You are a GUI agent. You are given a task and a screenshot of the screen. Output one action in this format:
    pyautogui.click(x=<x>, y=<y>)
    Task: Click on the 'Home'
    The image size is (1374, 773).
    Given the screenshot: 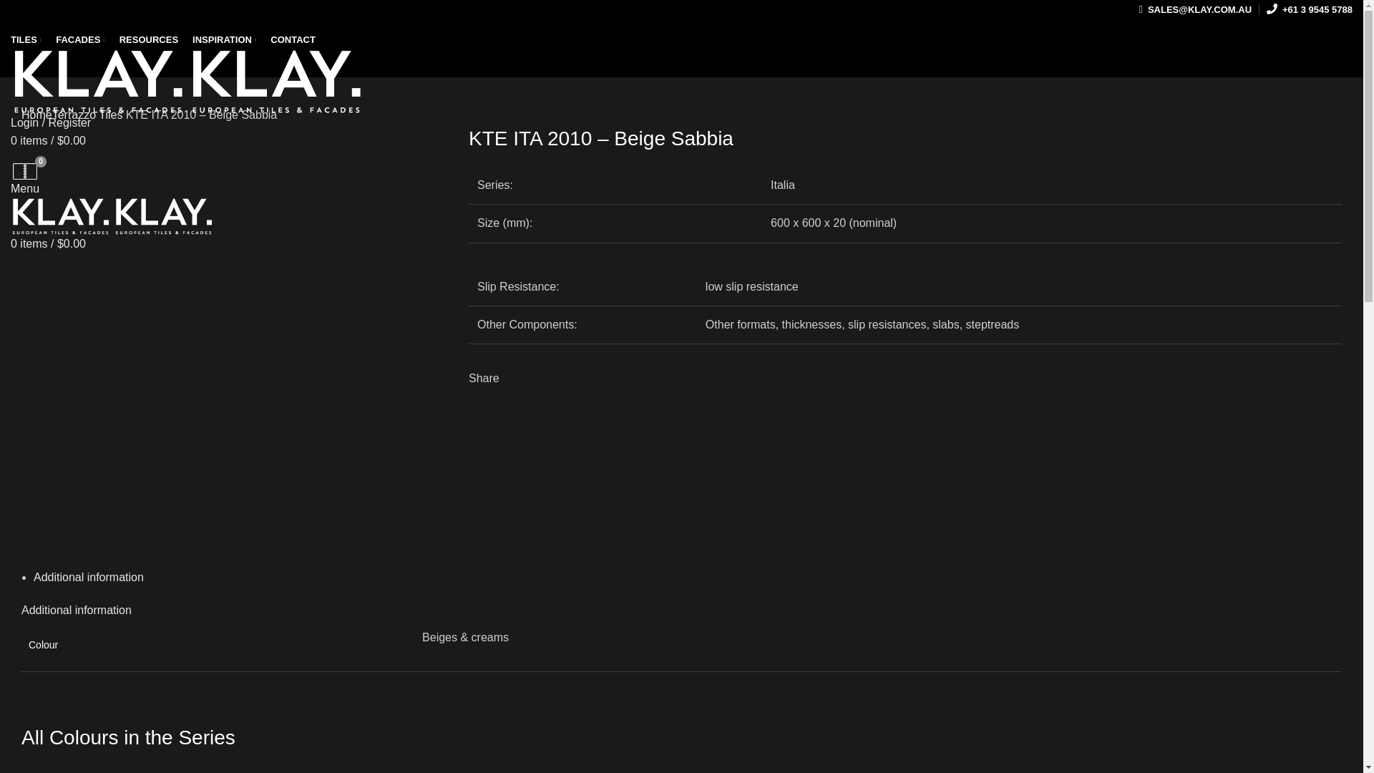 What is the action you would take?
    pyautogui.click(x=36, y=114)
    